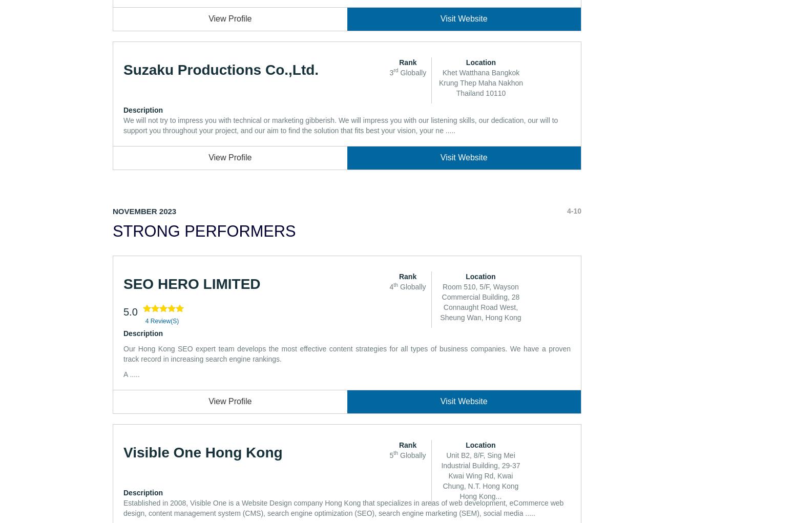 This screenshot has height=523, width=794. What do you see at coordinates (480, 82) in the screenshot?
I see `'Khet Watthana Bangkok Krung Thep Maha Nakhon Thailand 10110'` at bounding box center [480, 82].